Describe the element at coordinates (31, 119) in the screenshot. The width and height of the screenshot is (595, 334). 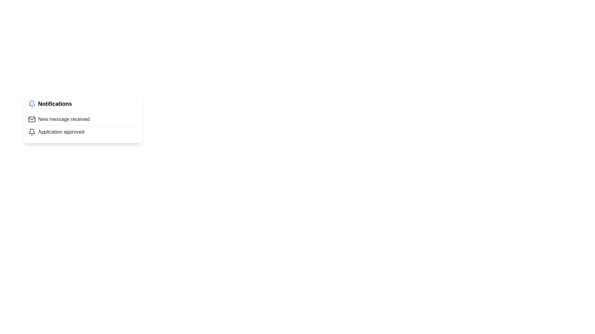
I see `the main body of the graphical envelope icon representing a new message, located to the left of the text 'New message received' in the second notification entry of the list` at that location.